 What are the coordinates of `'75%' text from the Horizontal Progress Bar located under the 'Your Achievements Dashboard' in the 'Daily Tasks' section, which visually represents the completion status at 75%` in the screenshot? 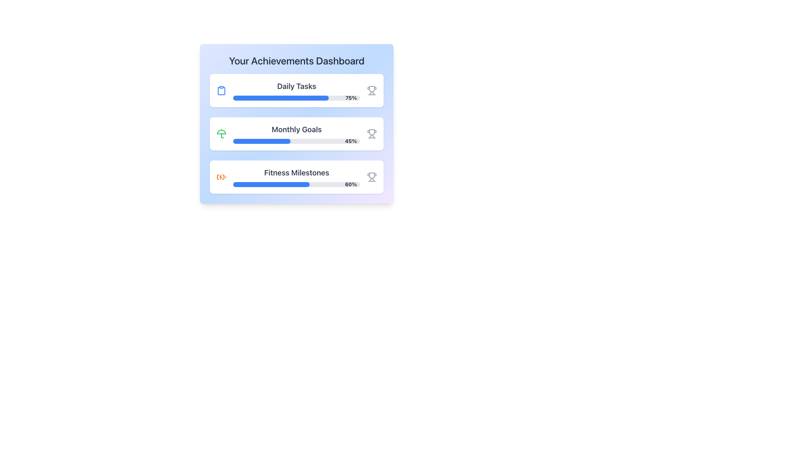 It's located at (297, 97).